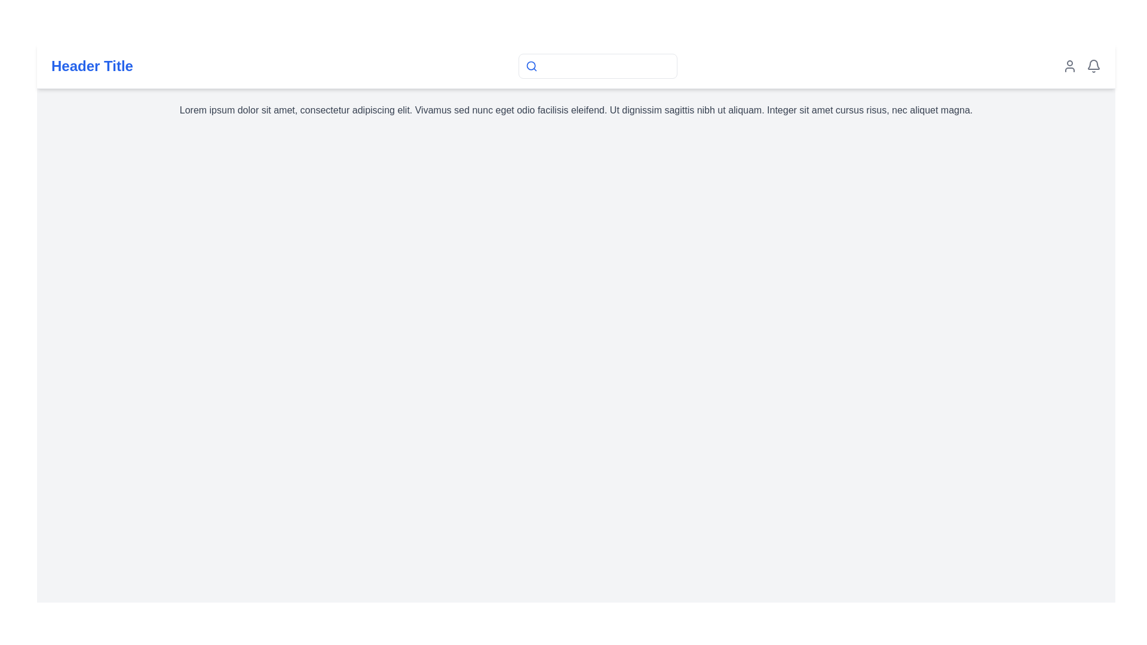  I want to click on the text block styled in gray font that contains the text 'Lorem ipsum dolor sit amet, consectetur adipiscing elit...' located beneath the header titled 'Header Title', so click(576, 110).